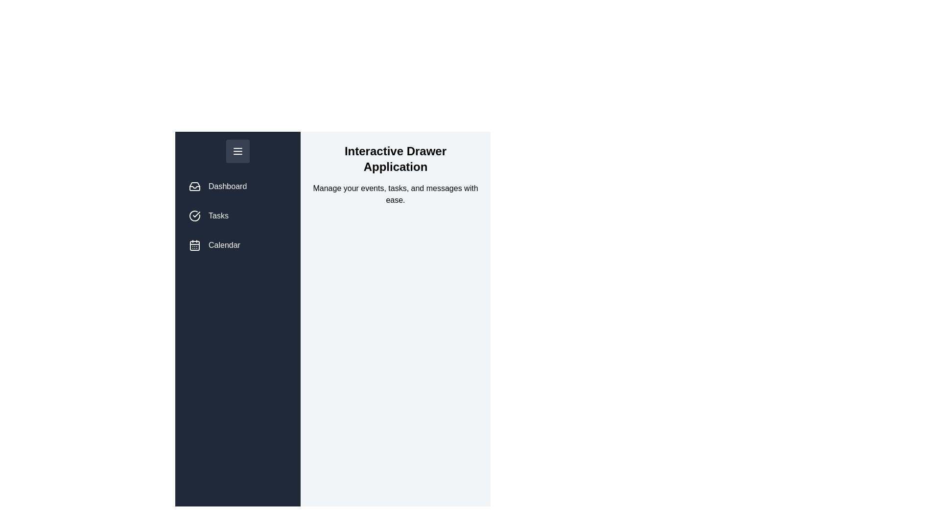  Describe the element at coordinates (195, 245) in the screenshot. I see `the inner square section of the calendar icon located in the vertical navigation bar, situated below the Task button and above the Calendar text label` at that location.